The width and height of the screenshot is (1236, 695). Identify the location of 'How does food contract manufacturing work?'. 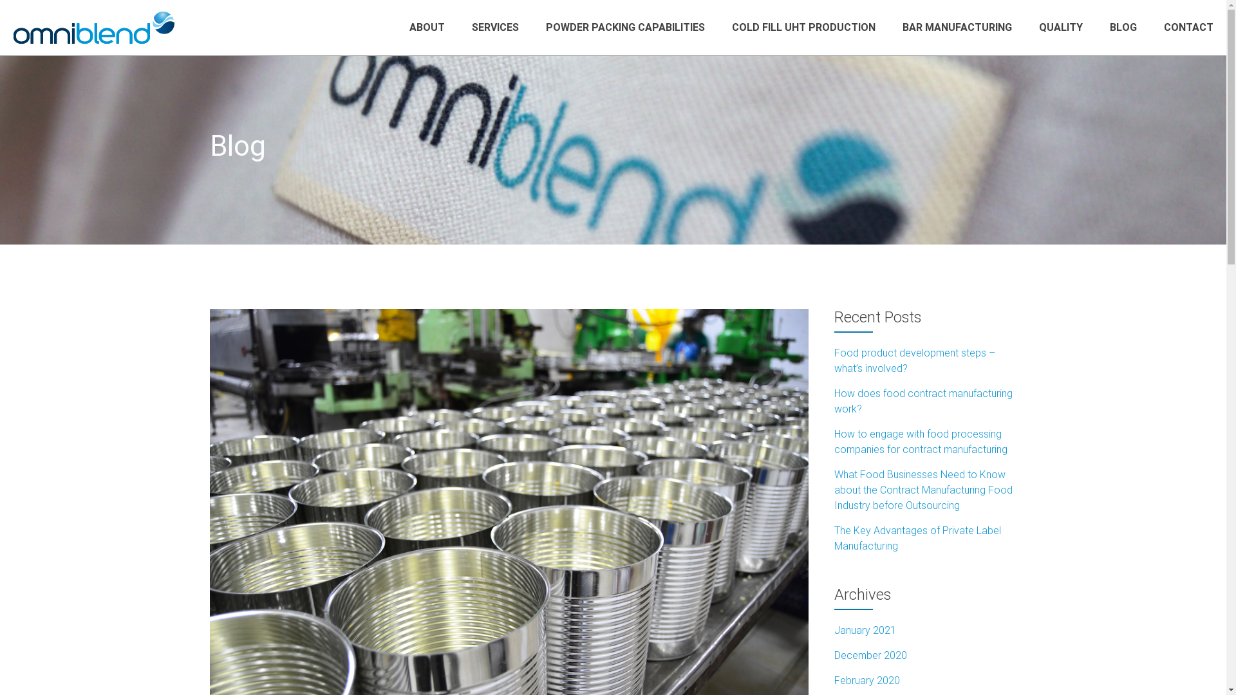
(922, 400).